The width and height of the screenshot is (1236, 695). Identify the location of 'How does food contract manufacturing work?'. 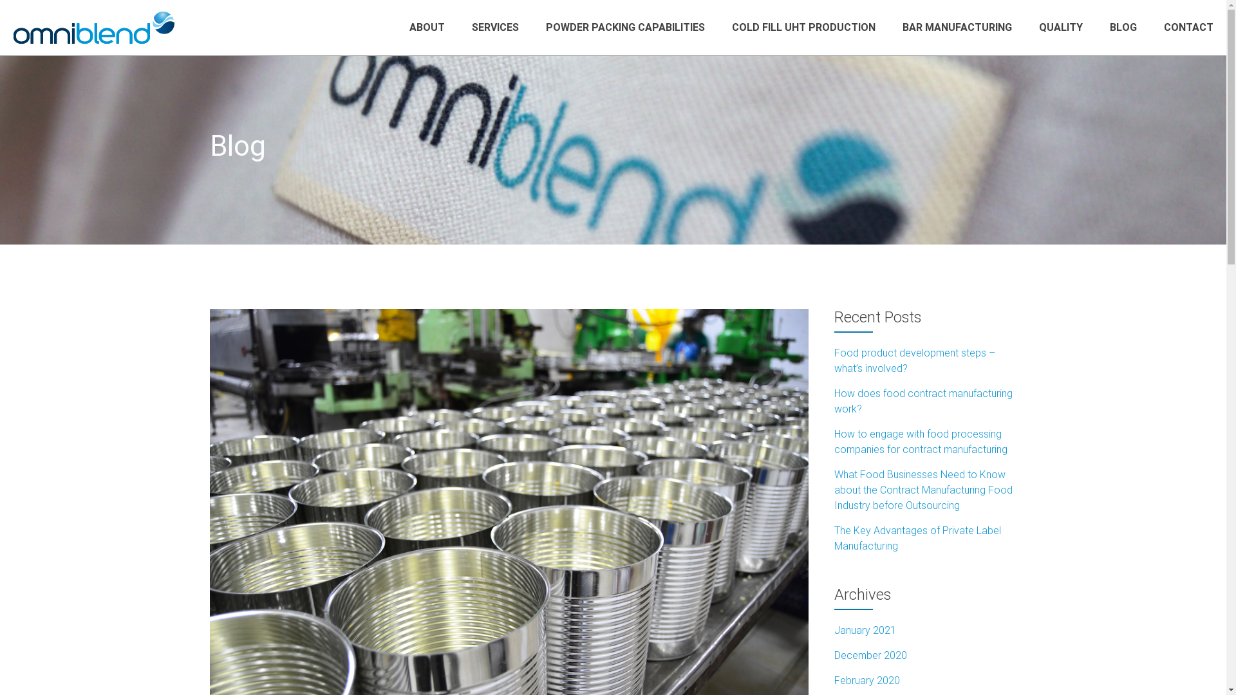
(922, 400).